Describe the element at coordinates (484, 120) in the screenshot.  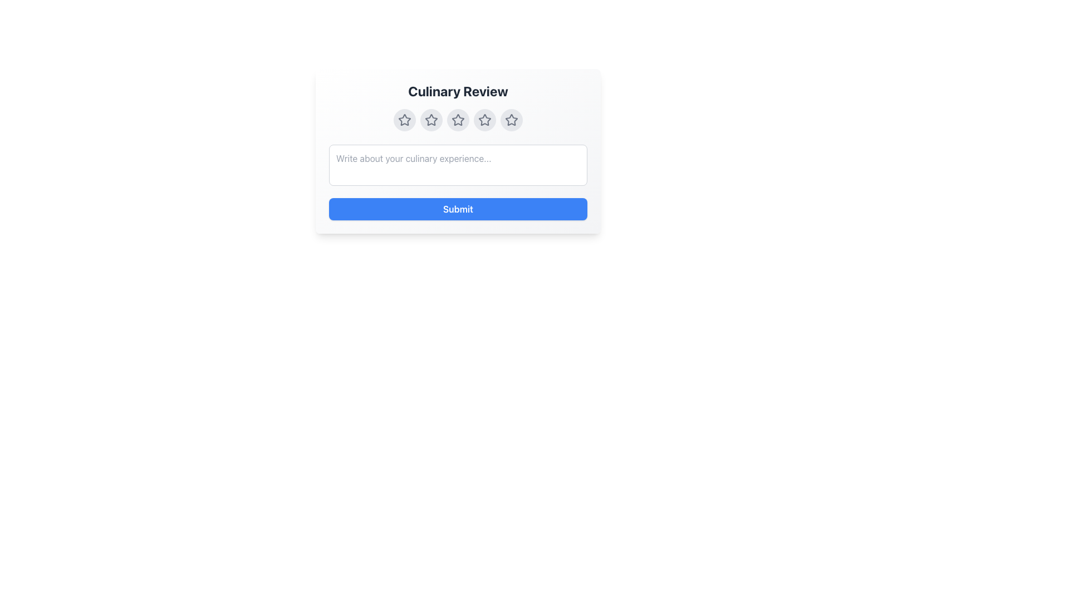
I see `the fourth star icon in the rating system located below 'Culinary Review' to indicate a rating` at that location.